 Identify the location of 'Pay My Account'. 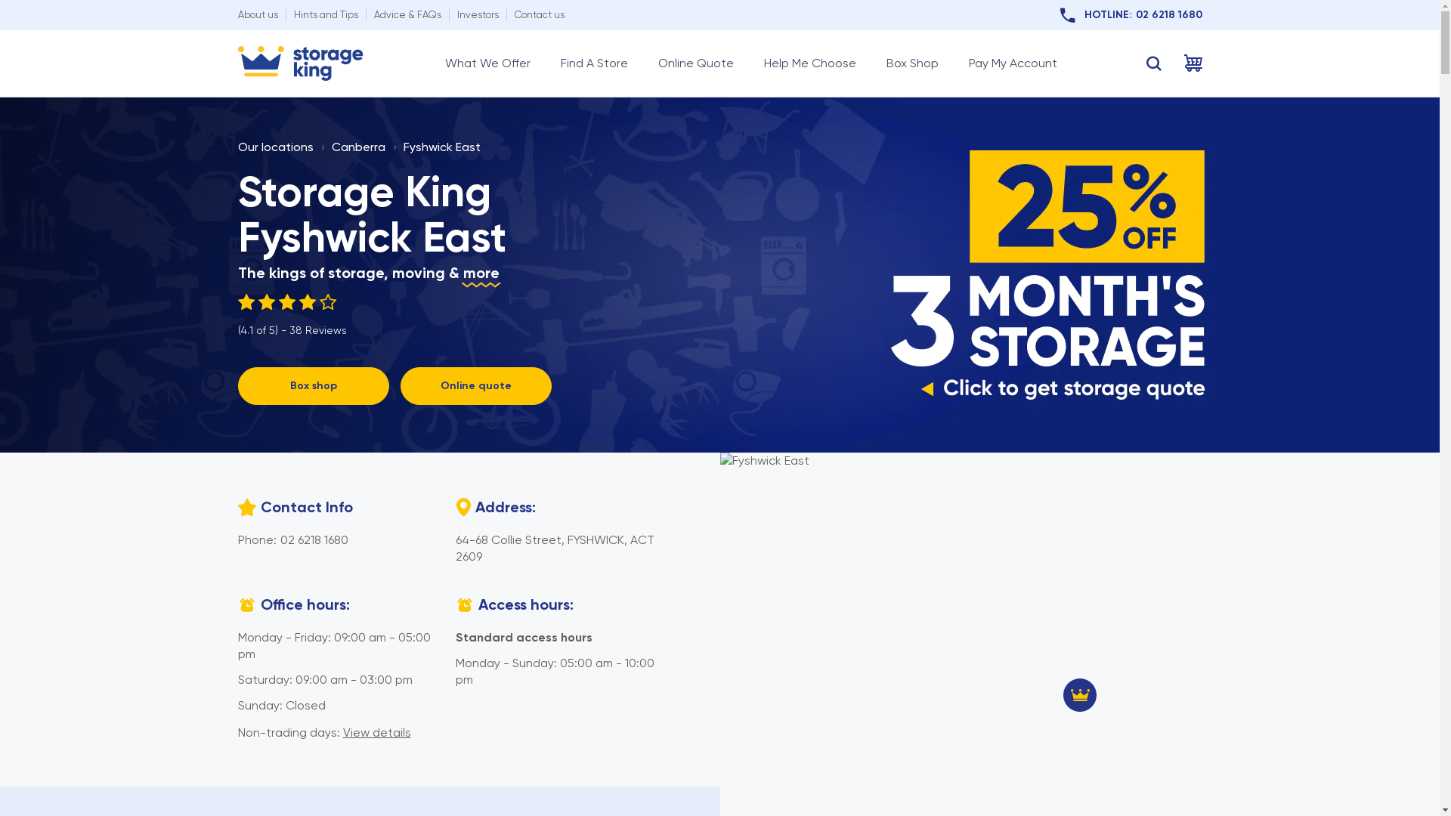
(1013, 63).